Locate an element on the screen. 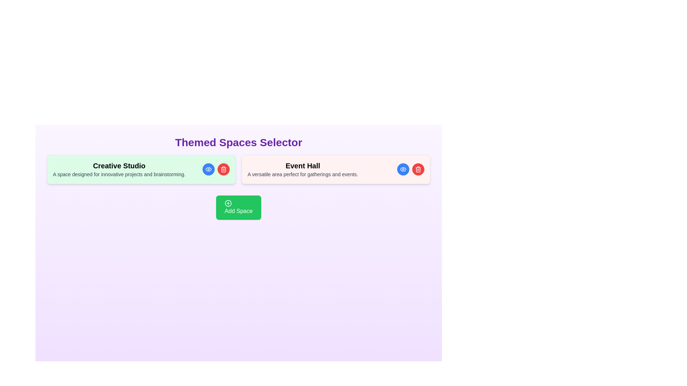  keyboard navigation is located at coordinates (239, 208).